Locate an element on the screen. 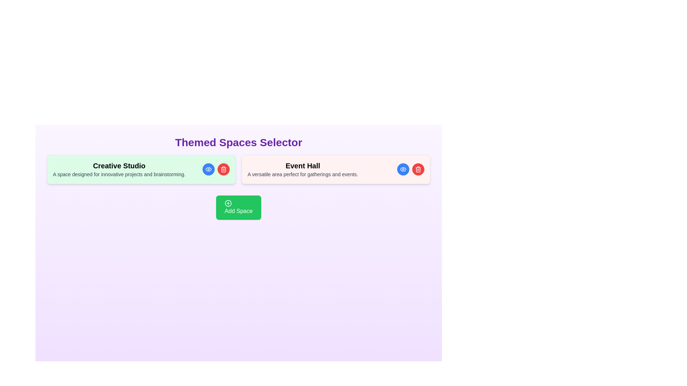  keyboard navigation is located at coordinates (239, 208).